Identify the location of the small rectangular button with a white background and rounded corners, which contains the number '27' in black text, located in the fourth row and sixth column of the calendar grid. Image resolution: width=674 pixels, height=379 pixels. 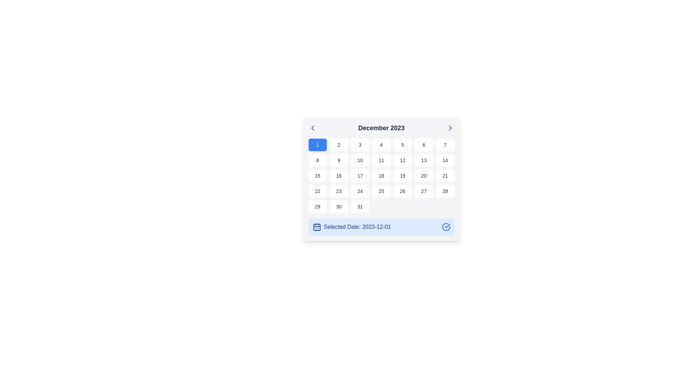
(423, 191).